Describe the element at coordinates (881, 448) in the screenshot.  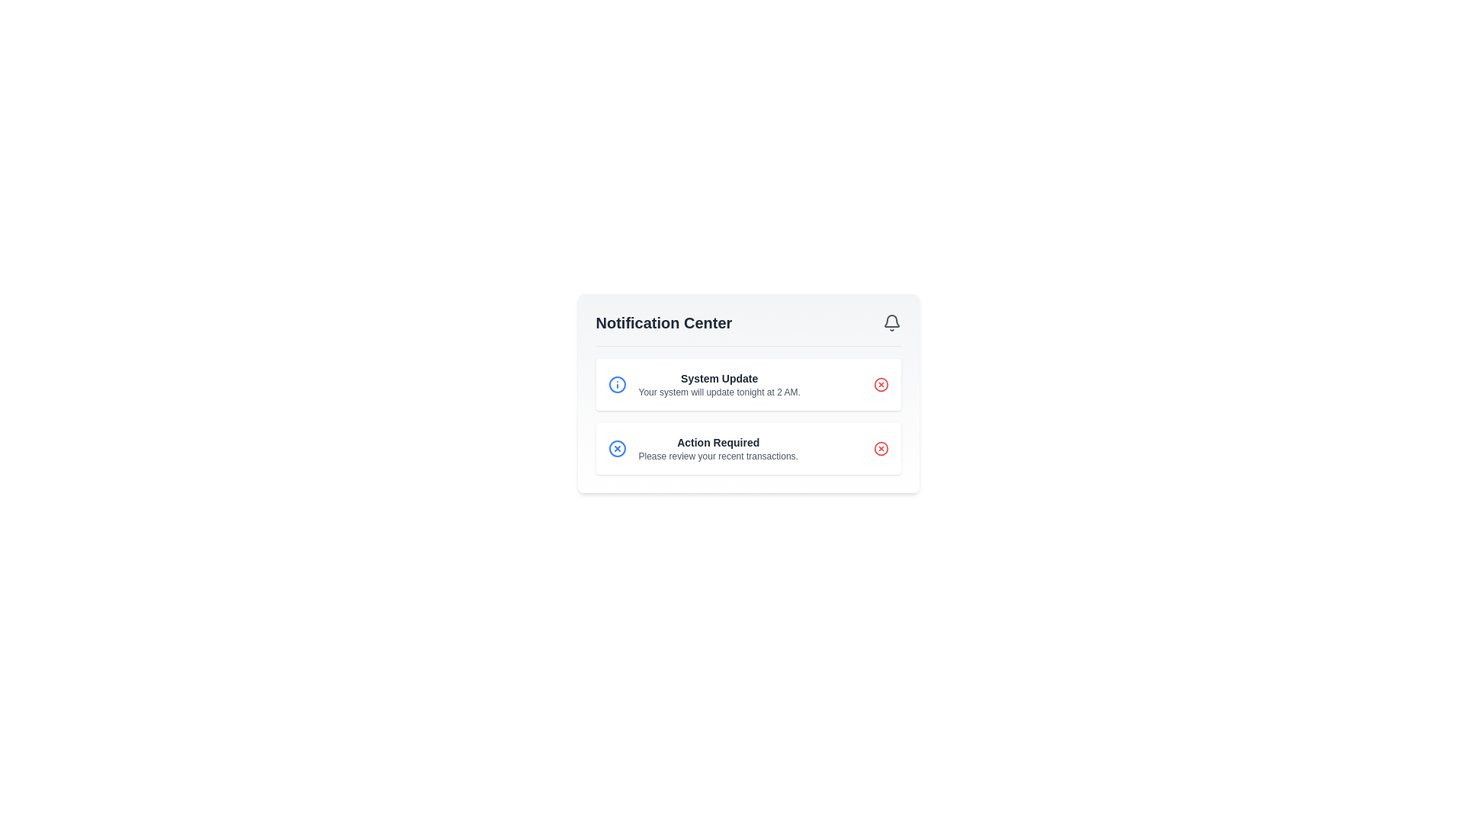
I see `the Interactive icon button located at the top-right corner of the 'Action Required' notification card` at that location.